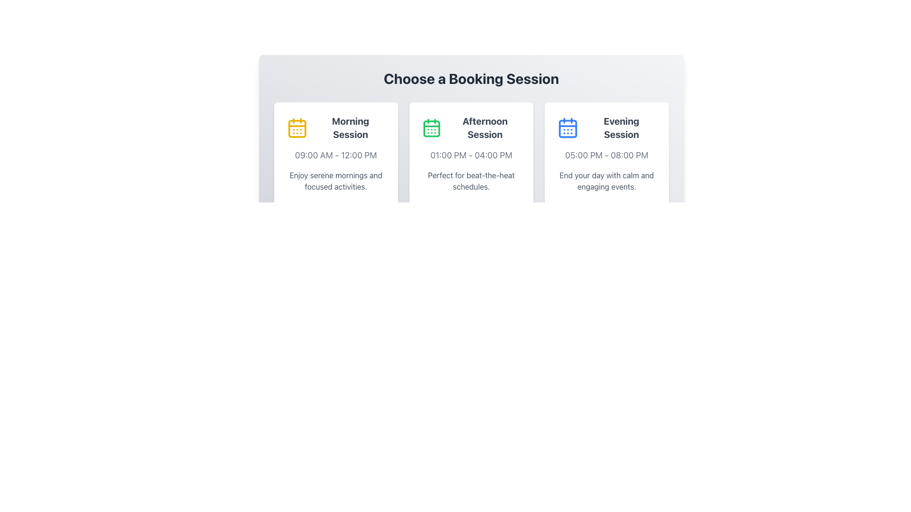 Image resolution: width=911 pixels, height=512 pixels. What do you see at coordinates (568, 128) in the screenshot?
I see `the calendar icon under the 'Evening Session' category, which is a square icon with rounded corners` at bounding box center [568, 128].